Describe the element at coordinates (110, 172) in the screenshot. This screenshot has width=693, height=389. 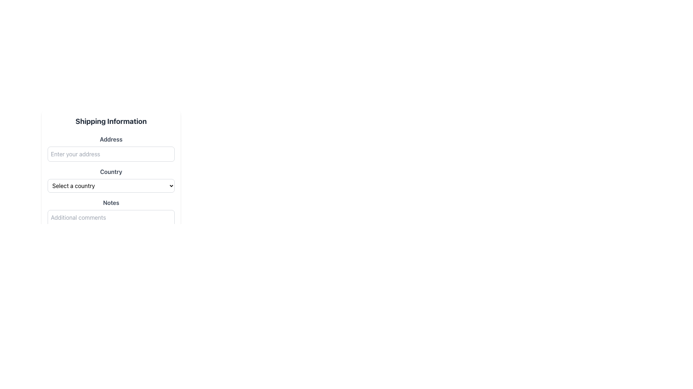
I see `the 'Country' label, which is a bold, dark gray text element located above the country selection dropdown in the shipping information form` at that location.